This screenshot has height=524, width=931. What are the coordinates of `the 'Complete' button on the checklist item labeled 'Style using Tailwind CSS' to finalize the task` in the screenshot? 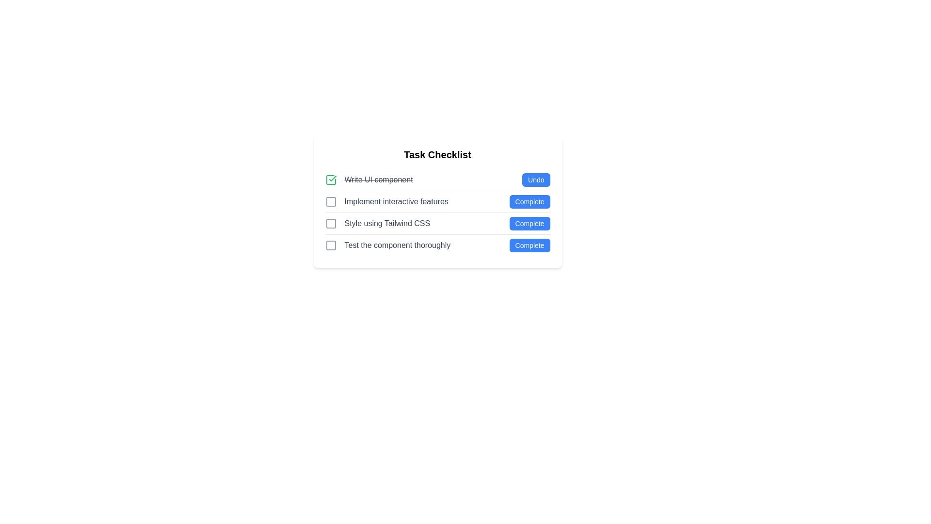 It's located at (437, 224).